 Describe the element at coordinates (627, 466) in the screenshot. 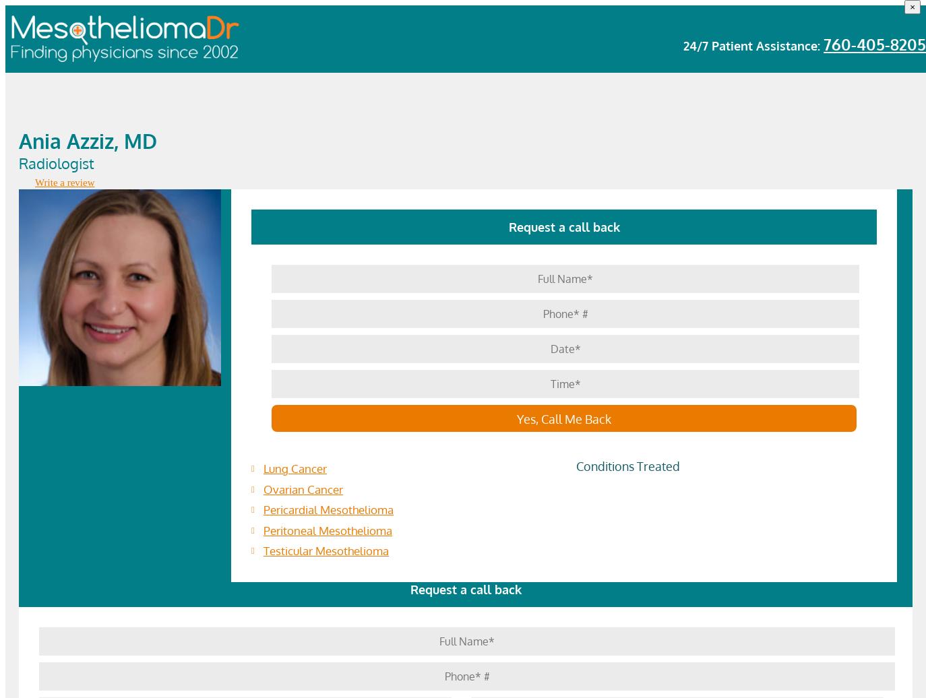

I see `'Conditions Treated'` at that location.